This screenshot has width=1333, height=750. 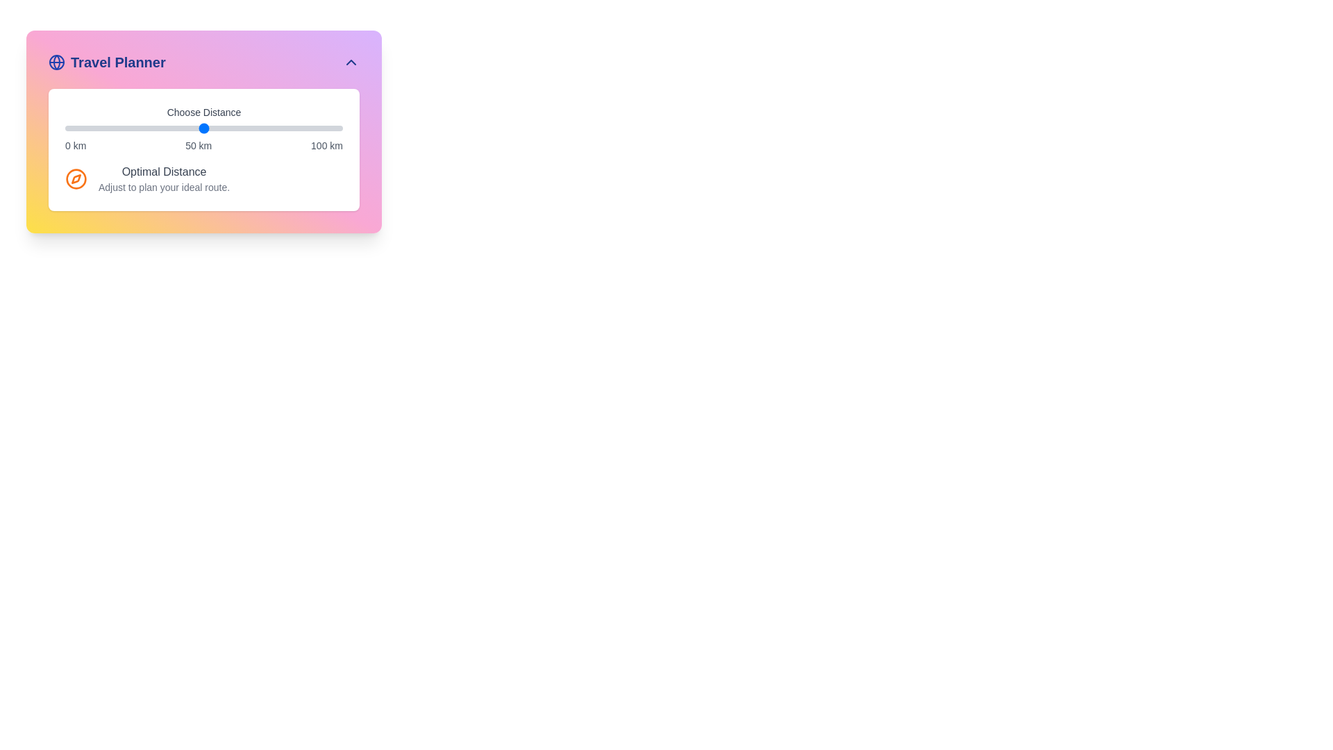 What do you see at coordinates (276, 128) in the screenshot?
I see `the slider` at bounding box center [276, 128].